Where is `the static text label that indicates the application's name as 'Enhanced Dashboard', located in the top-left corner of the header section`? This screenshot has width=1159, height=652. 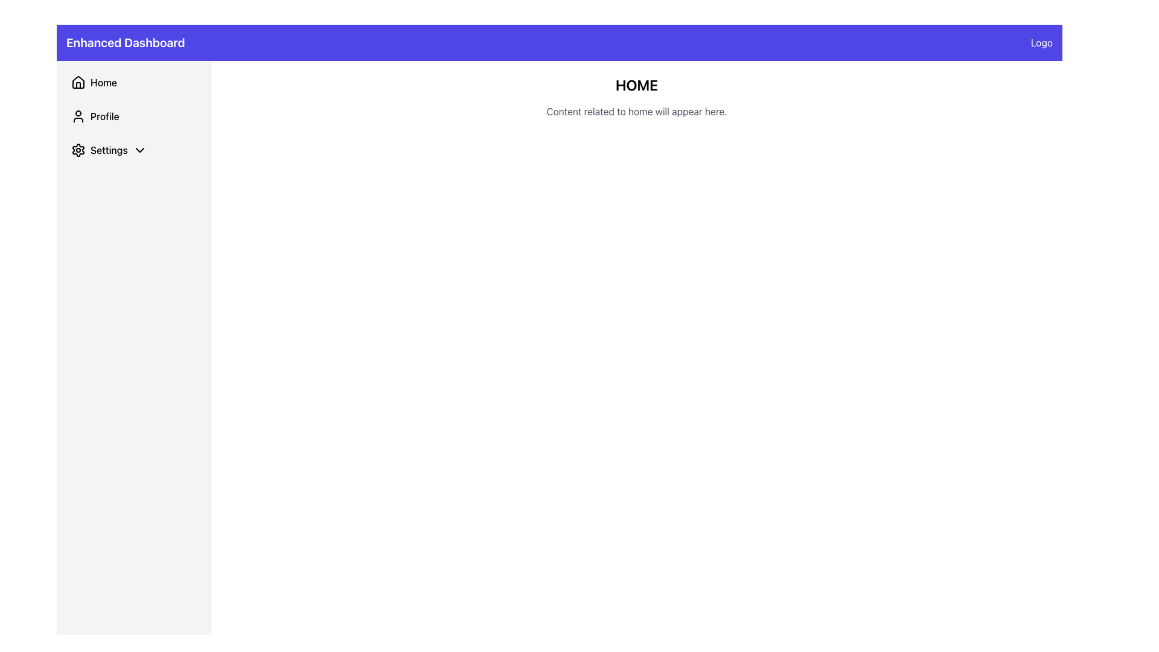 the static text label that indicates the application's name as 'Enhanced Dashboard', located in the top-left corner of the header section is located at coordinates (126, 42).